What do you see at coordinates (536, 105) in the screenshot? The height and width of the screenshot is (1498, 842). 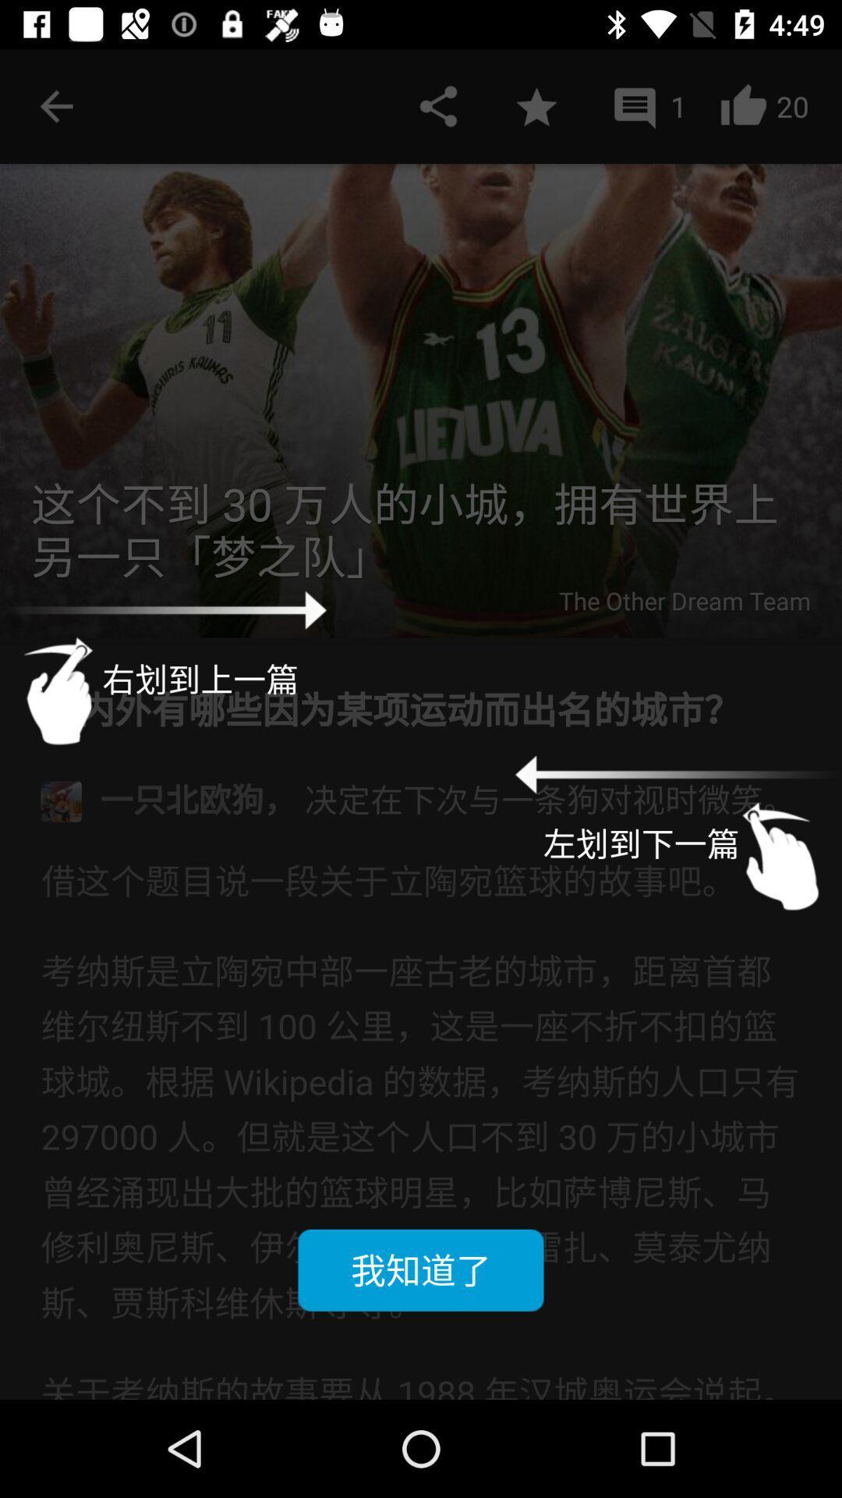 I see `favorite` at bounding box center [536, 105].